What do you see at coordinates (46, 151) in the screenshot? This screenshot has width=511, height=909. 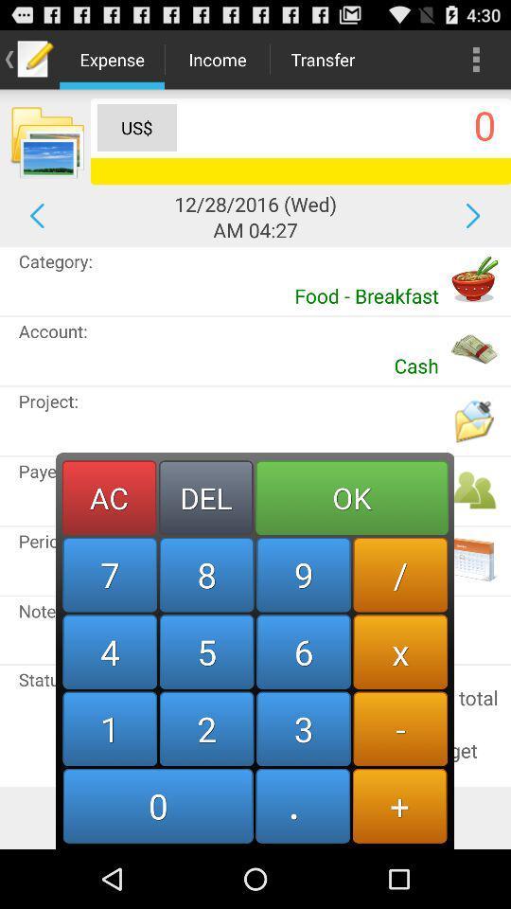 I see `the folder icon` at bounding box center [46, 151].